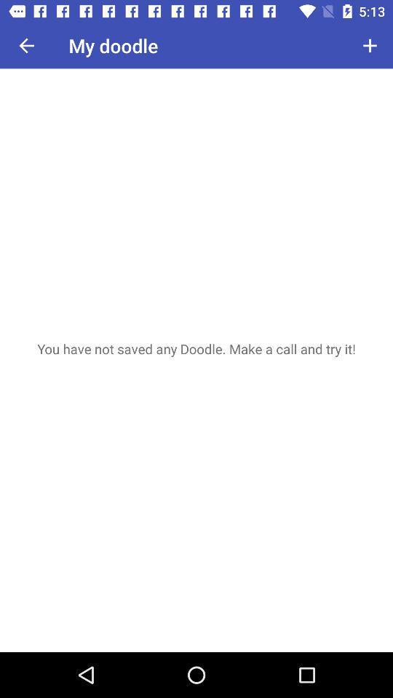 The width and height of the screenshot is (393, 698). I want to click on item to the left of the my doodle item, so click(26, 45).